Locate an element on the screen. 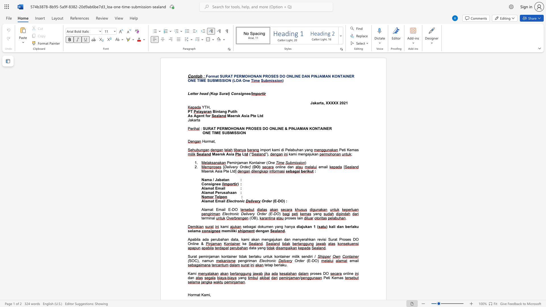 The width and height of the screenshot is (546, 307). the subset text "mas" within the text "Peti Kemas" is located at coordinates (351, 150).